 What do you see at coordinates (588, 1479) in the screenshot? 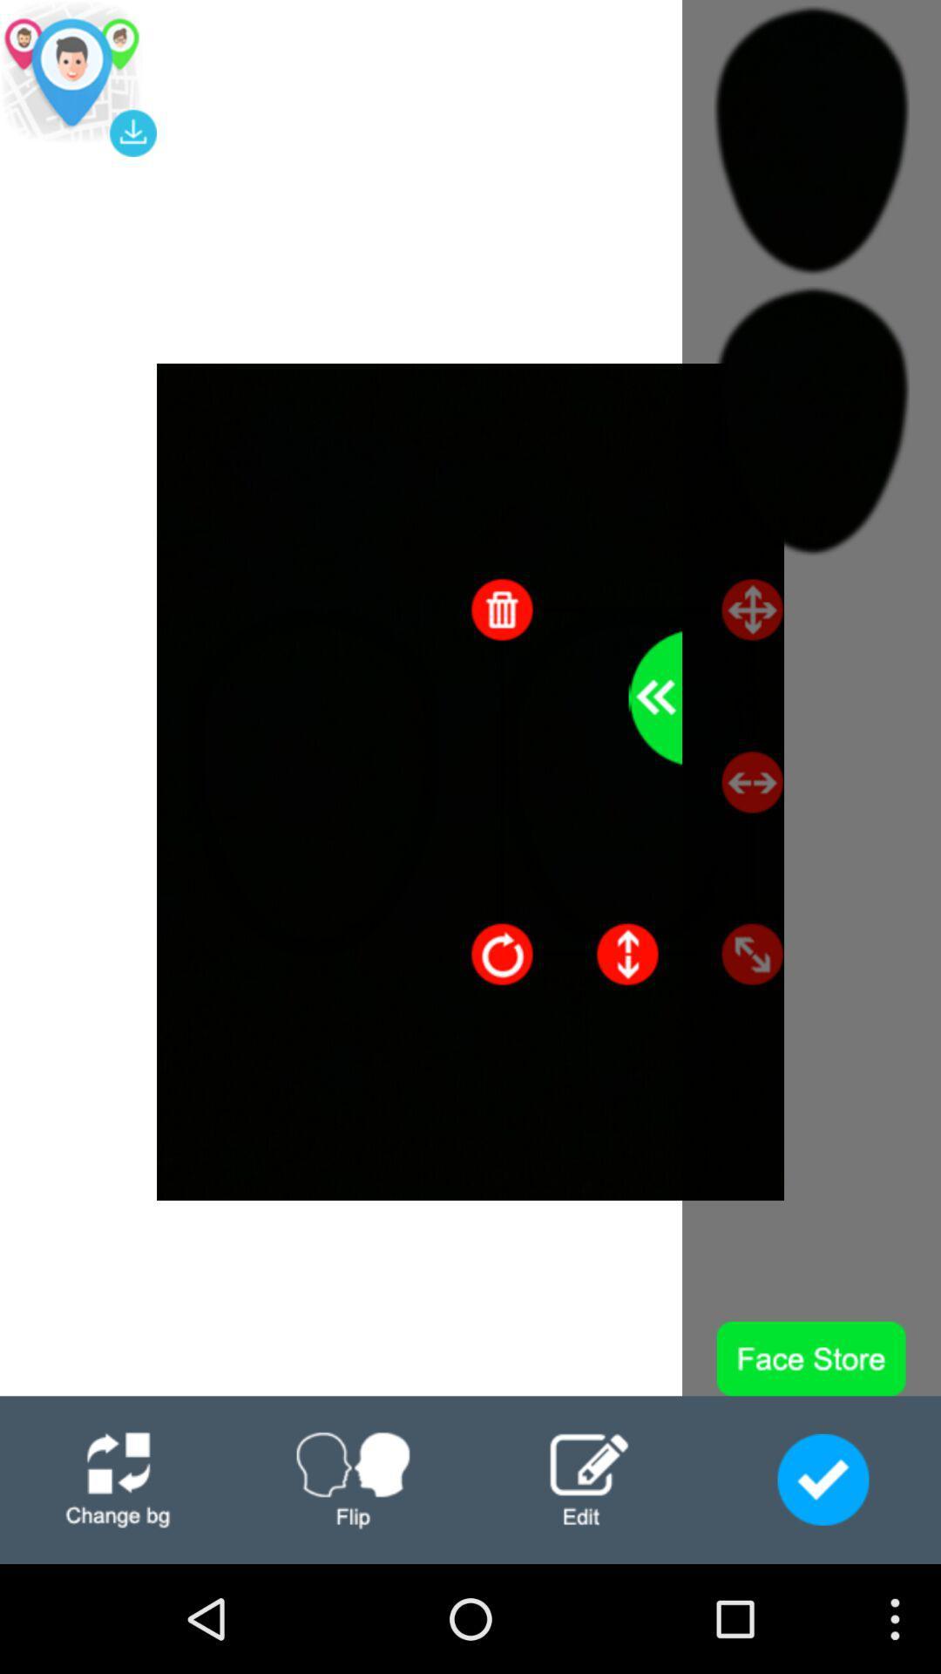
I see `edit page` at bounding box center [588, 1479].